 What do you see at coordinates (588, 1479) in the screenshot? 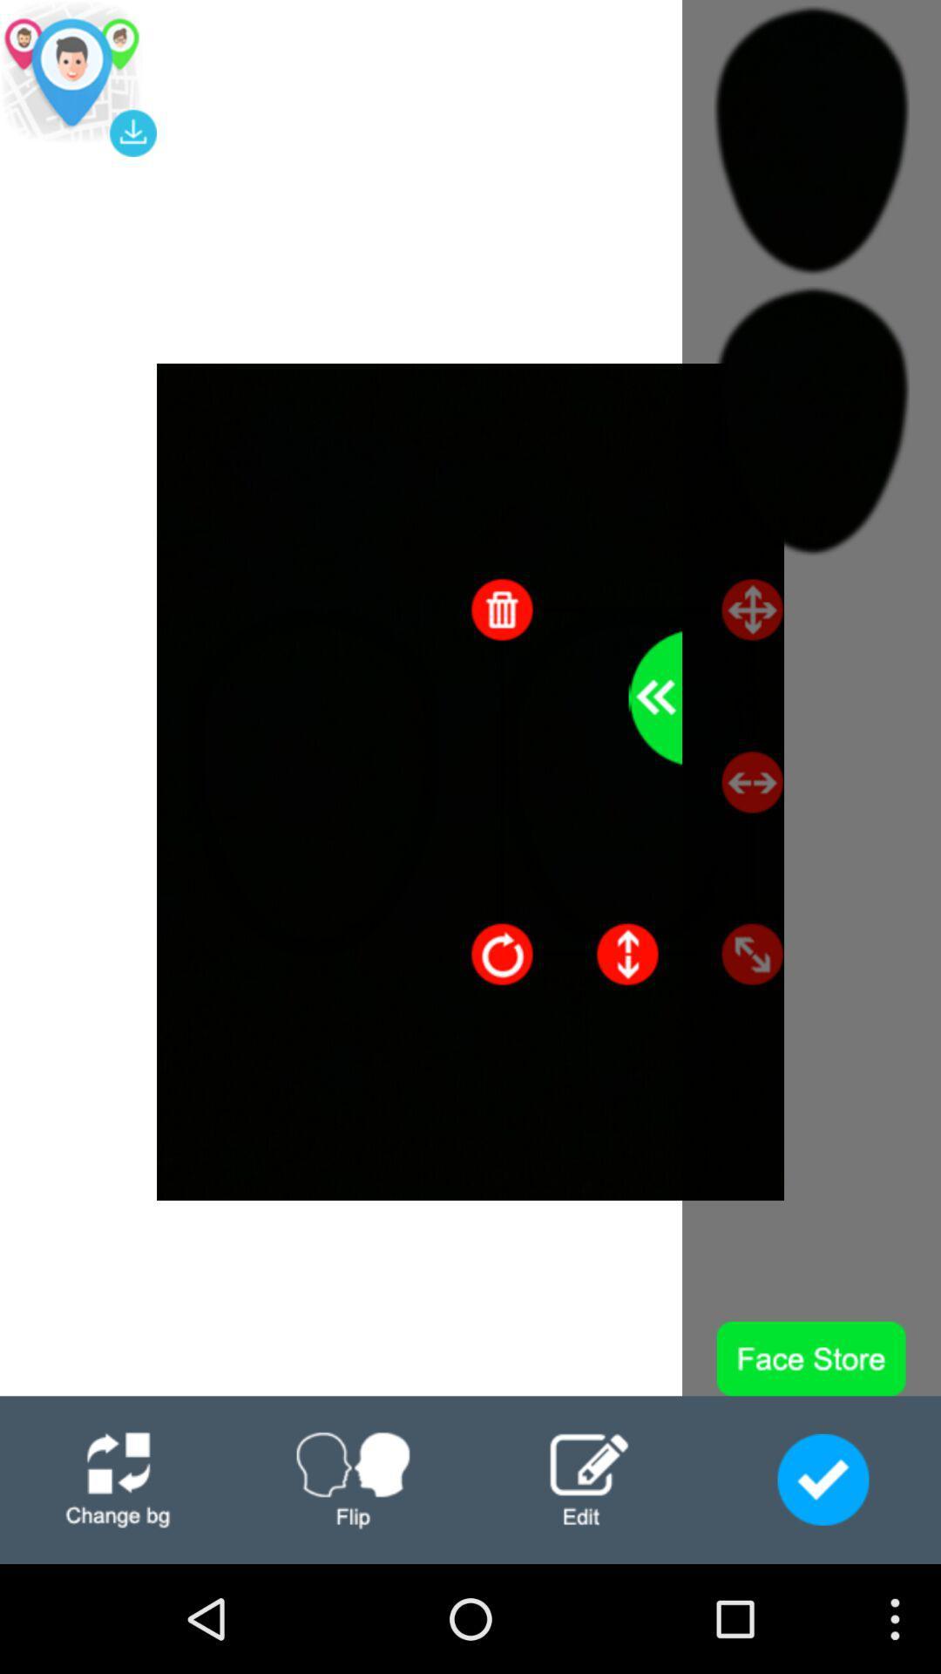
I see `edit page` at bounding box center [588, 1479].